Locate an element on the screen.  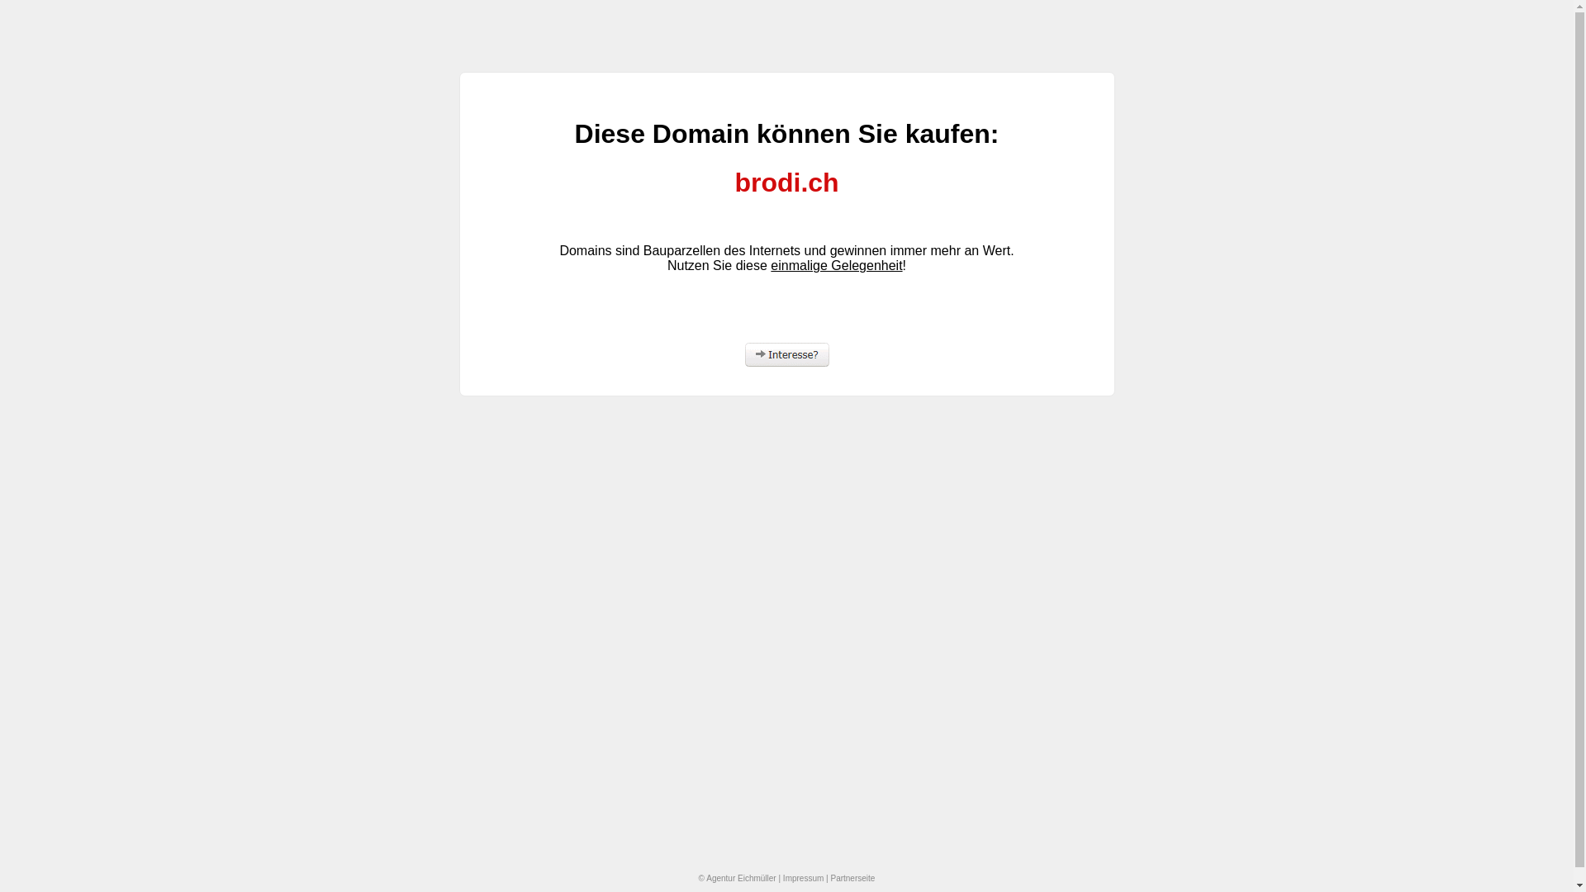
'Partnerseite' is located at coordinates (829, 877).